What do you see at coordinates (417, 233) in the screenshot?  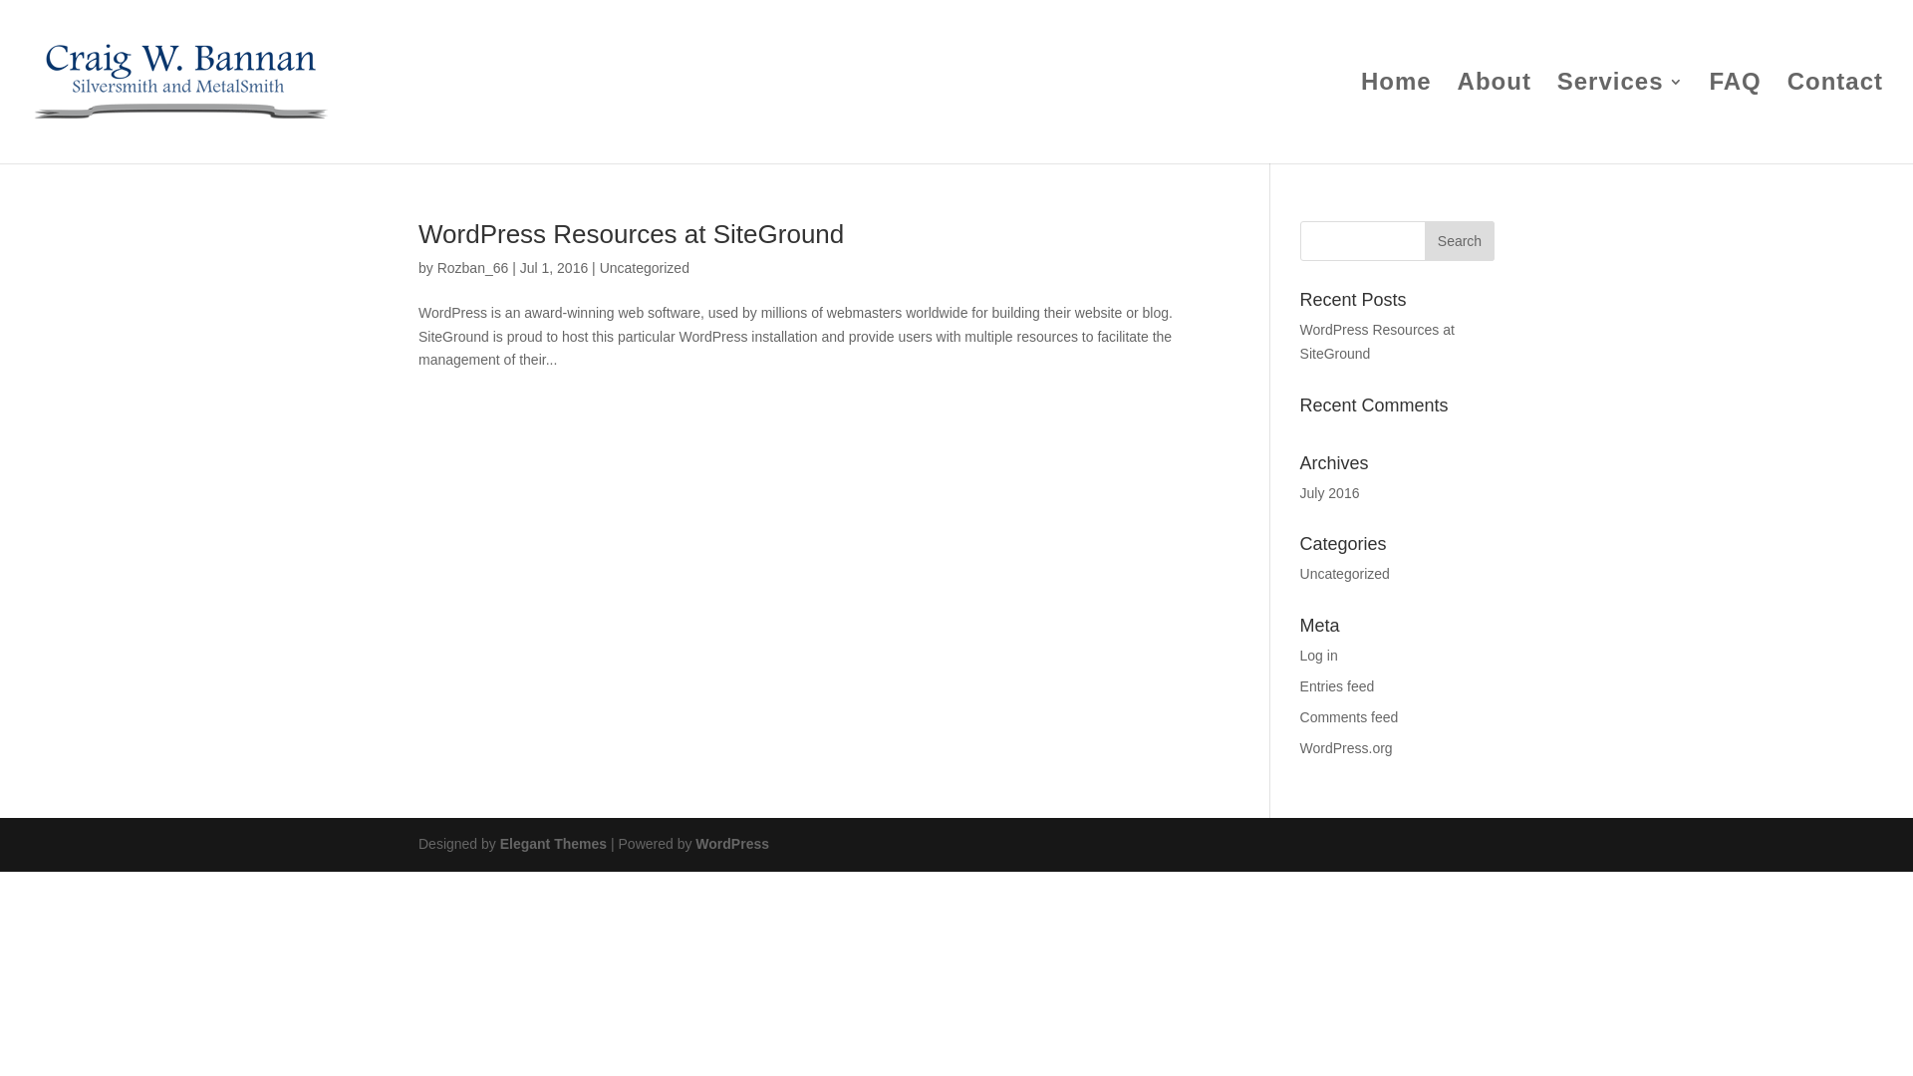 I see `'WordPress Resources at SiteGround'` at bounding box center [417, 233].